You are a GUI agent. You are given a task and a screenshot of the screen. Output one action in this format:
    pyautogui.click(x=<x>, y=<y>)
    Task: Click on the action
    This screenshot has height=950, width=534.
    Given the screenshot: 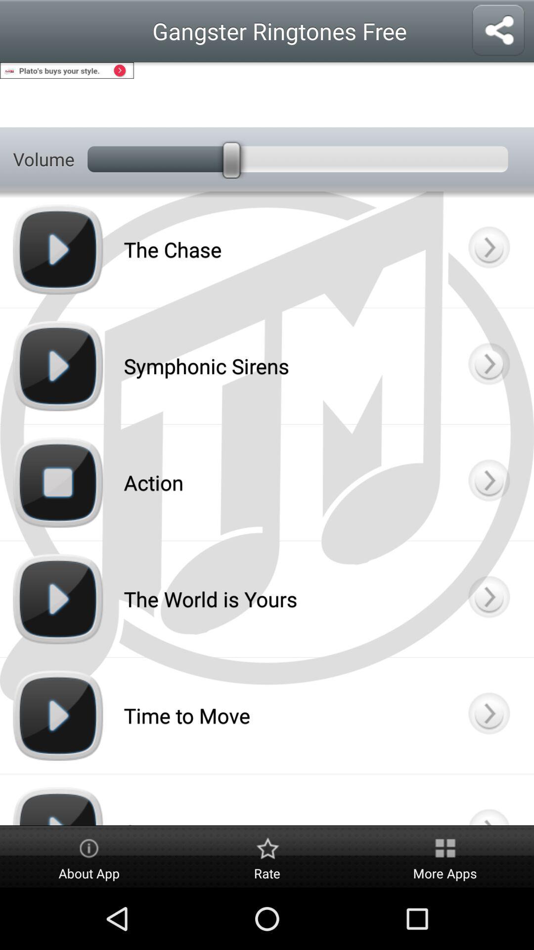 What is the action you would take?
    pyautogui.click(x=488, y=482)
    